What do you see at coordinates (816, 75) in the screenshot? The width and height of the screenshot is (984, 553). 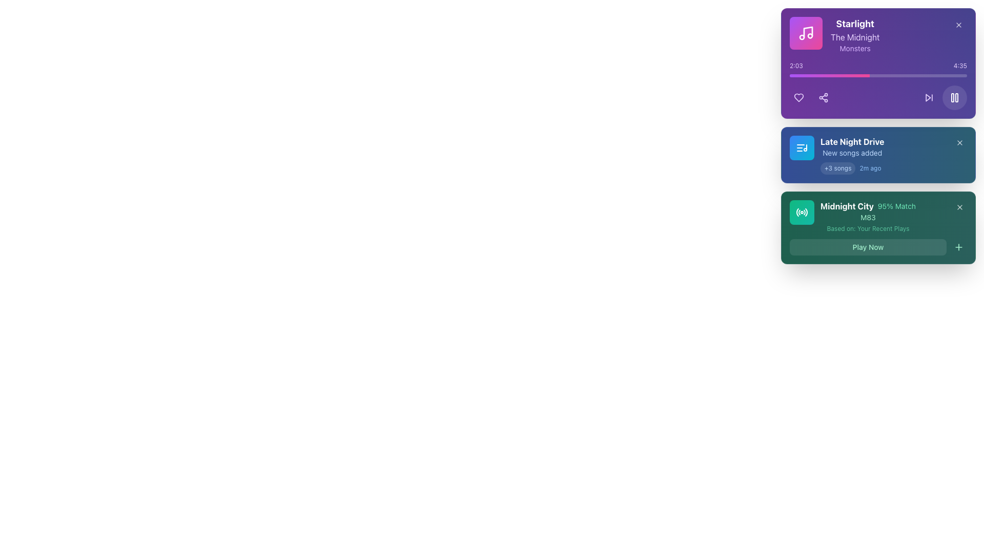 I see `playback progress` at bounding box center [816, 75].